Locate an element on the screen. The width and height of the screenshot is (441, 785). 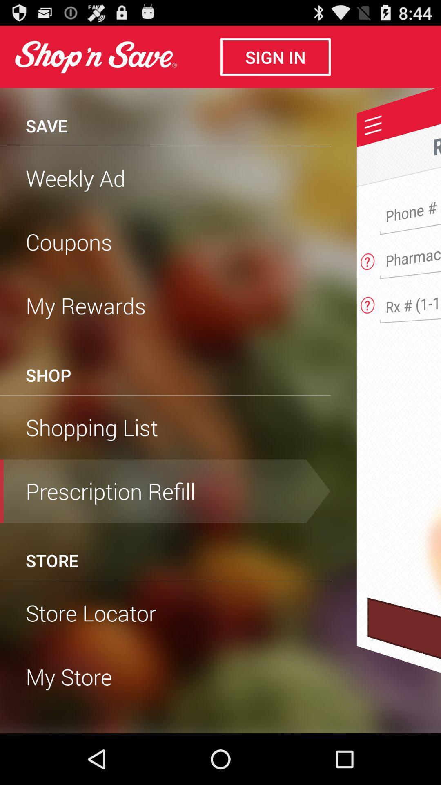
store locator is located at coordinates (165, 613).